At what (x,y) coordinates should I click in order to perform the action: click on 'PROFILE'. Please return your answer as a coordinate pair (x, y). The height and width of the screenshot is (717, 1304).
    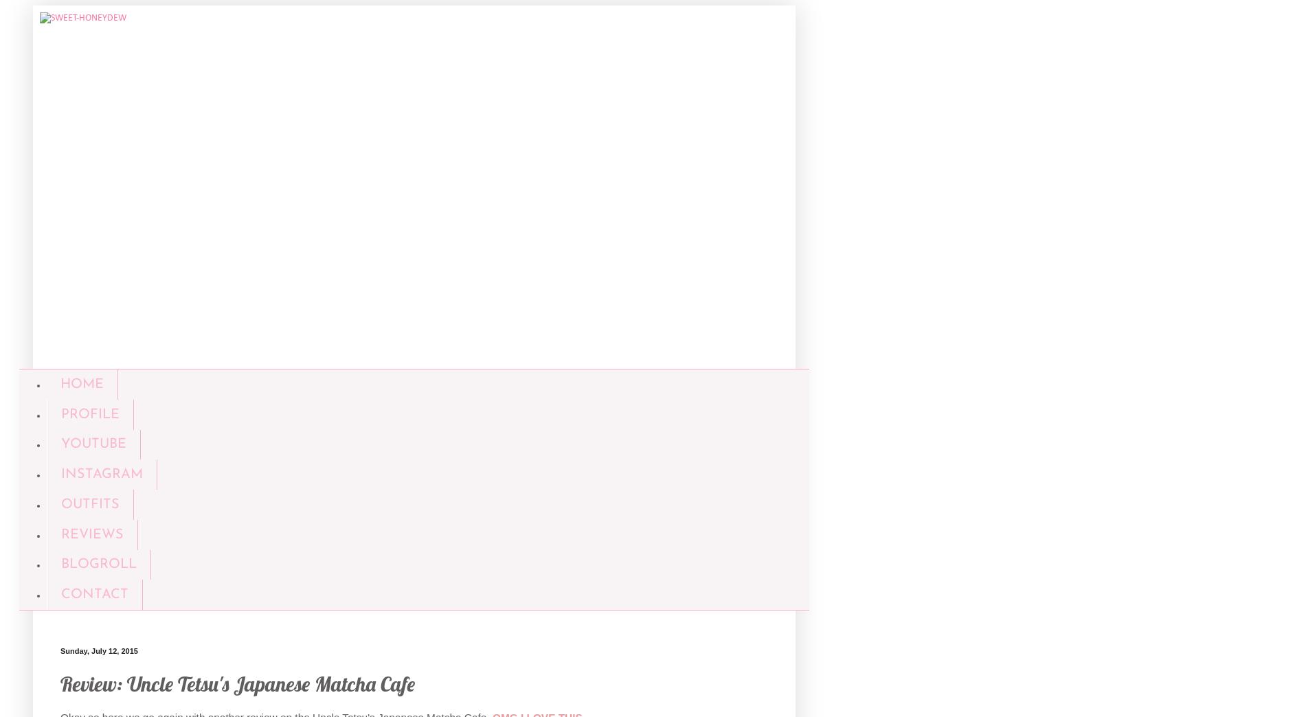
    Looking at the image, I should click on (89, 414).